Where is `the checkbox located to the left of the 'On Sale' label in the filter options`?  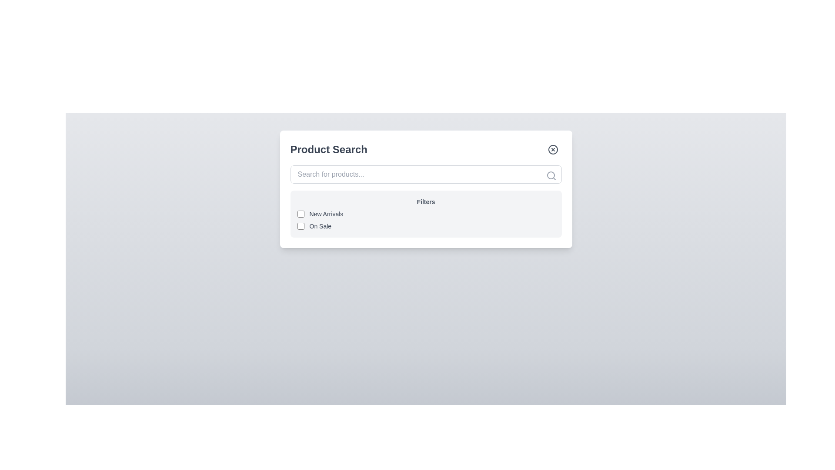
the checkbox located to the left of the 'On Sale' label in the filter options is located at coordinates (301, 226).